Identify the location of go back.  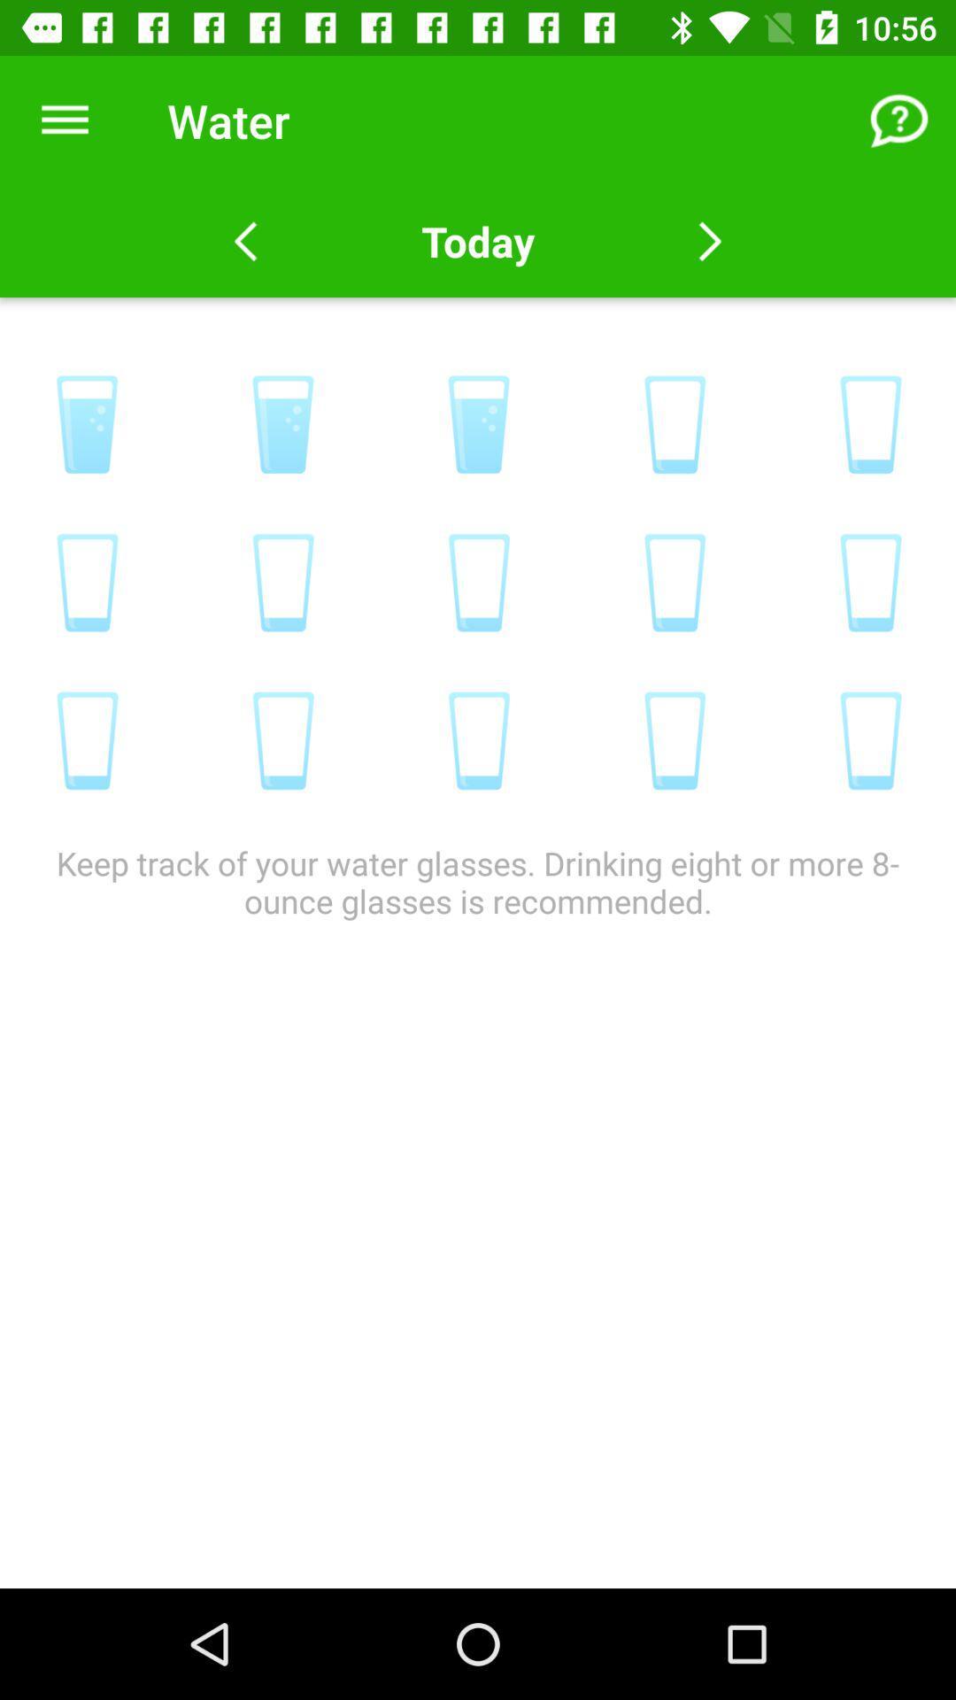
(245, 241).